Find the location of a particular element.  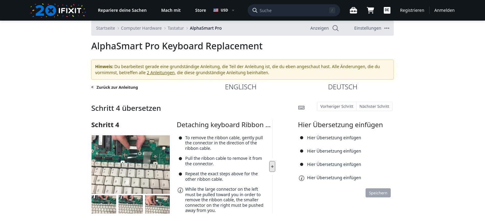

'Anzeigen' is located at coordinates (319, 28).